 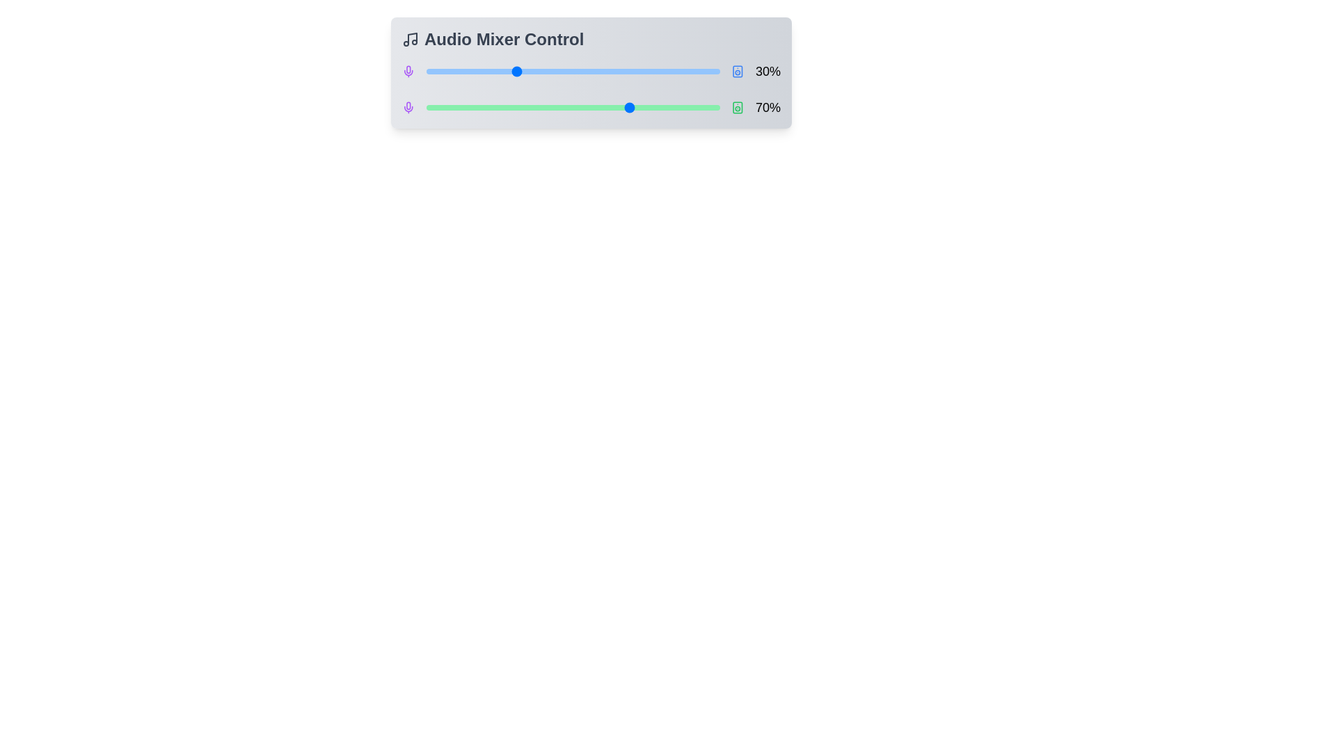 What do you see at coordinates (591, 106) in the screenshot?
I see `the green track of the horizontal slider labeled '70%' to set a new value` at bounding box center [591, 106].